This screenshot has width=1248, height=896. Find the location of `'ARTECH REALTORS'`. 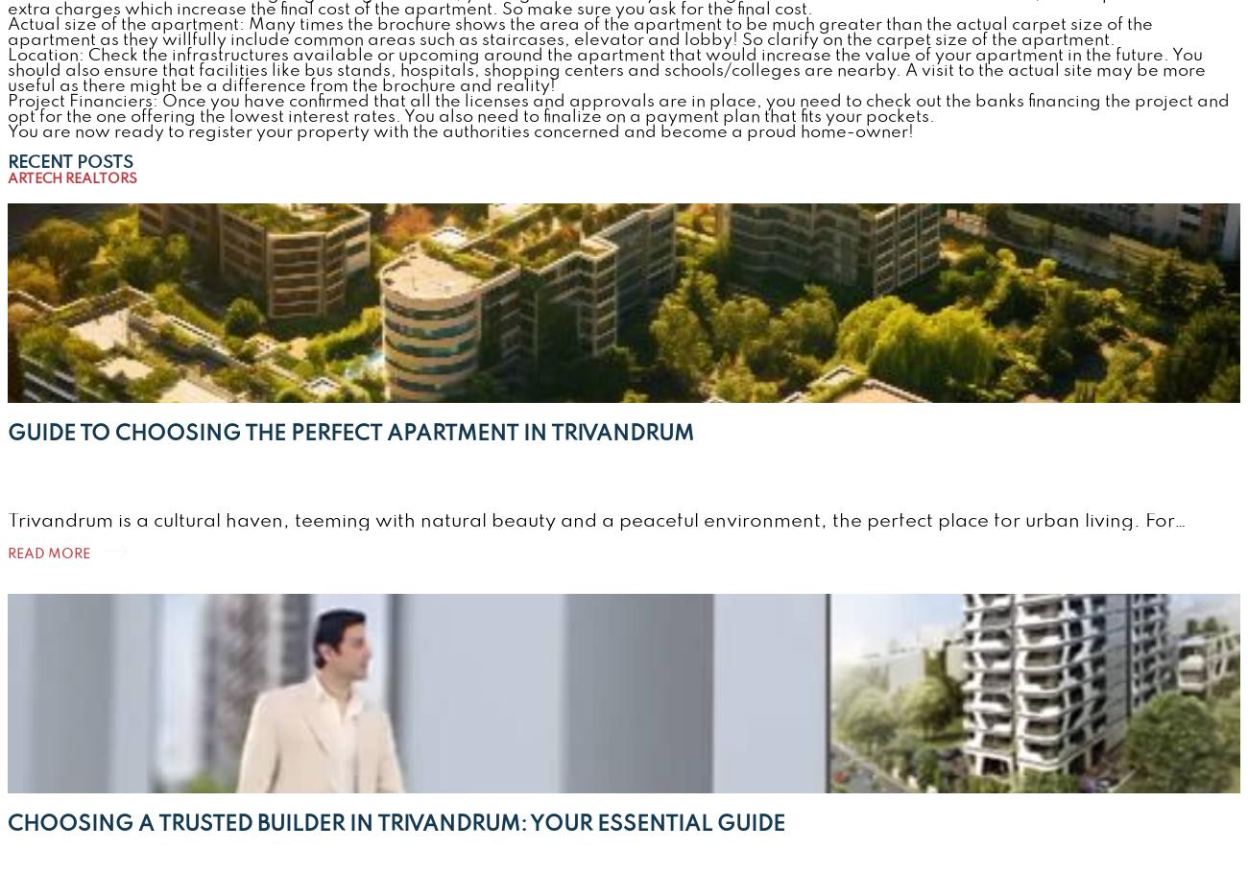

'ARTECH REALTORS' is located at coordinates (72, 178).